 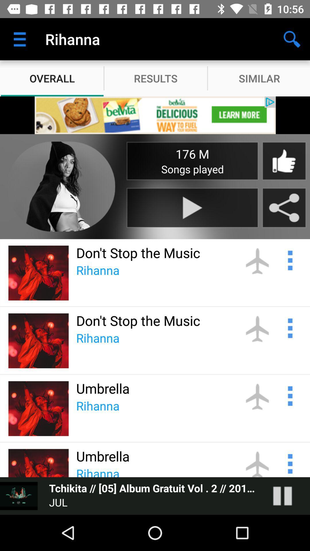 I want to click on share the article, so click(x=289, y=259).